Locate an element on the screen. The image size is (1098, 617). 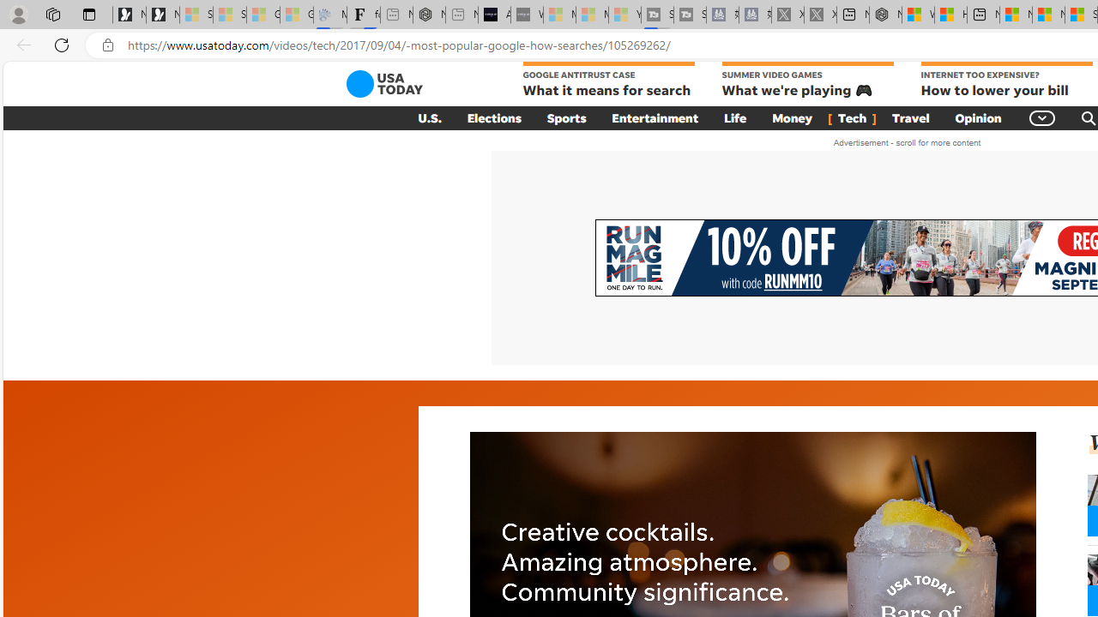
'Entertainment' is located at coordinates (655, 117).